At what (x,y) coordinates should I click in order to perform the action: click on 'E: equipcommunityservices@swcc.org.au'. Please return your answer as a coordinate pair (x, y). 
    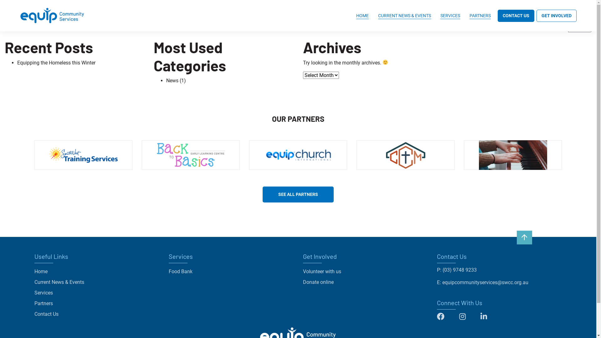
    Looking at the image, I should click on (482, 282).